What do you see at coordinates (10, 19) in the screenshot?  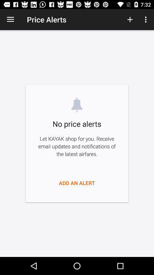 I see `the item to the left of price alerts icon` at bounding box center [10, 19].